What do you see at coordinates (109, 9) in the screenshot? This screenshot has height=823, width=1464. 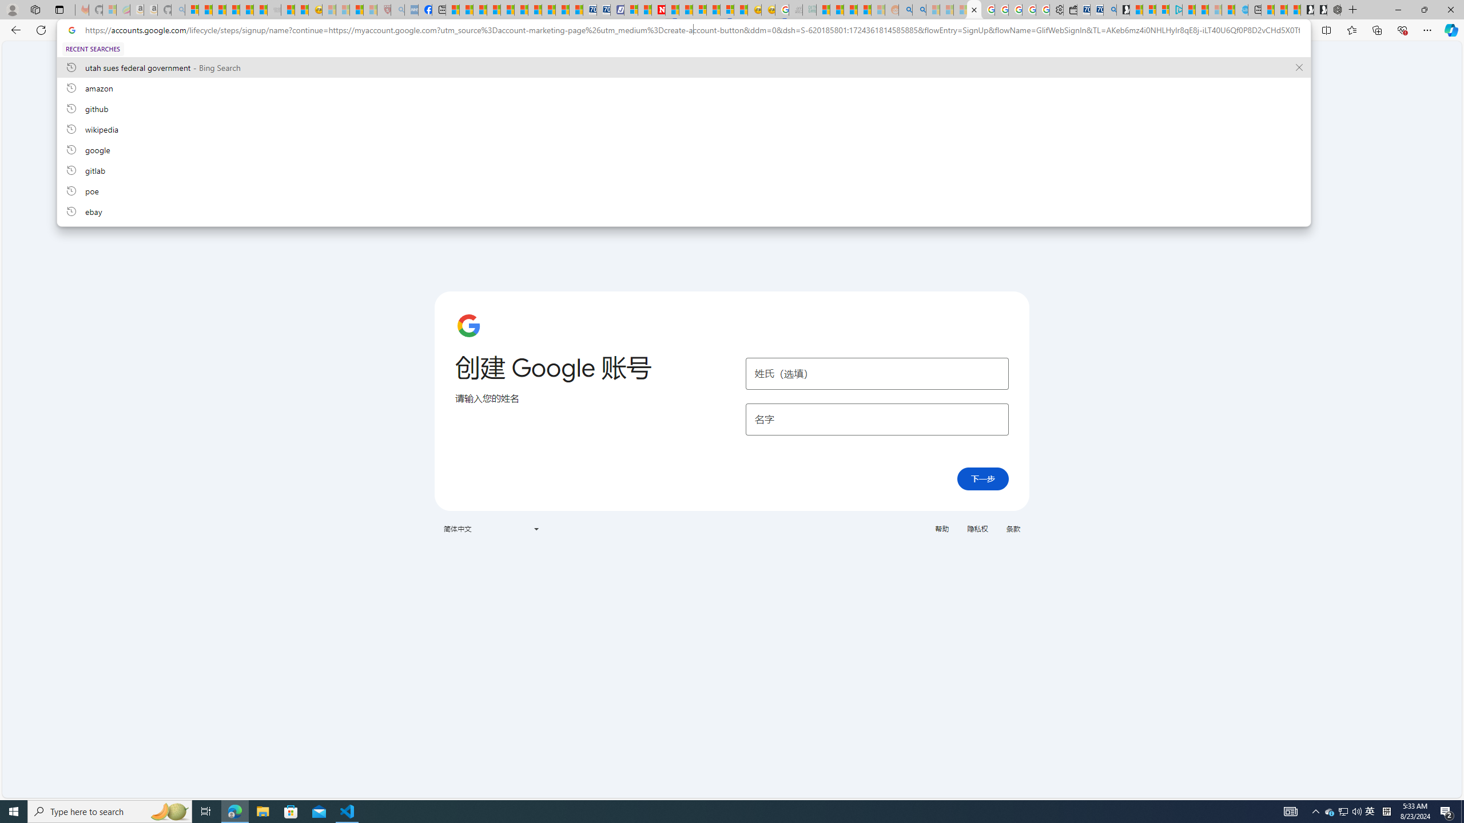 I see `'Microsoft-Report a Concern to Bing - Sleeping'` at bounding box center [109, 9].